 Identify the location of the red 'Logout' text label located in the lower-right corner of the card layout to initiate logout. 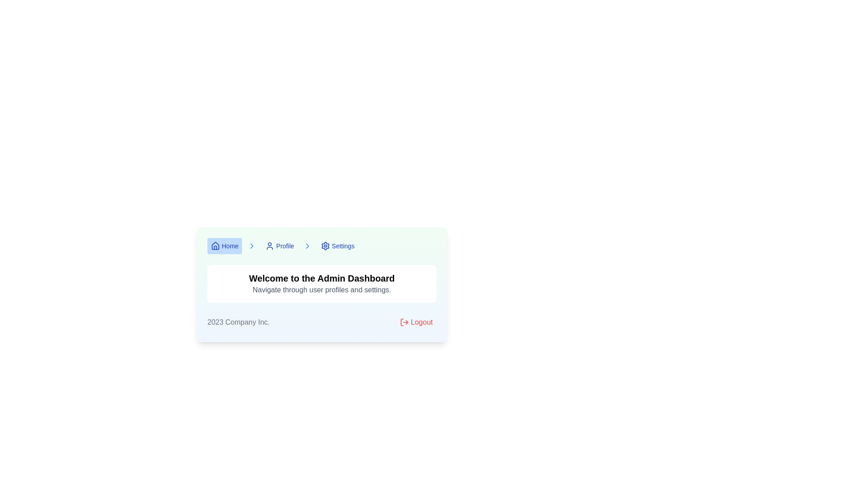
(421, 322).